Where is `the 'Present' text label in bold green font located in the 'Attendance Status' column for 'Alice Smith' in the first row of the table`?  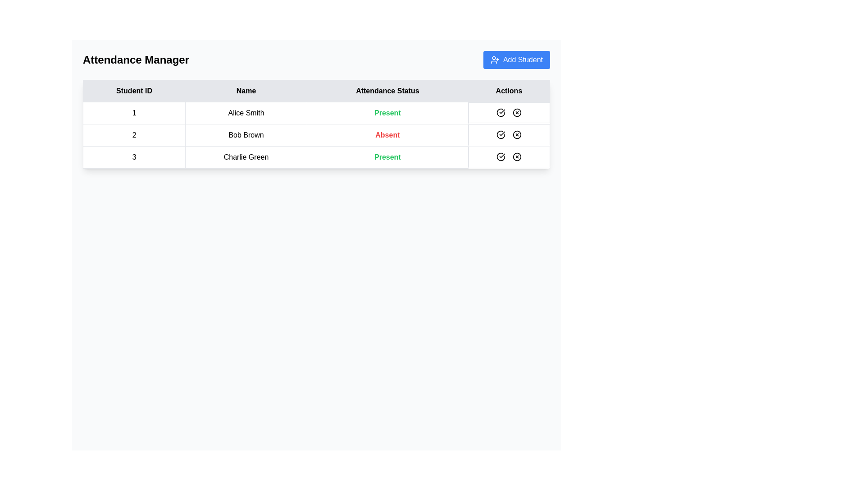 the 'Present' text label in bold green font located in the 'Attendance Status' column for 'Alice Smith' in the first row of the table is located at coordinates (387, 112).